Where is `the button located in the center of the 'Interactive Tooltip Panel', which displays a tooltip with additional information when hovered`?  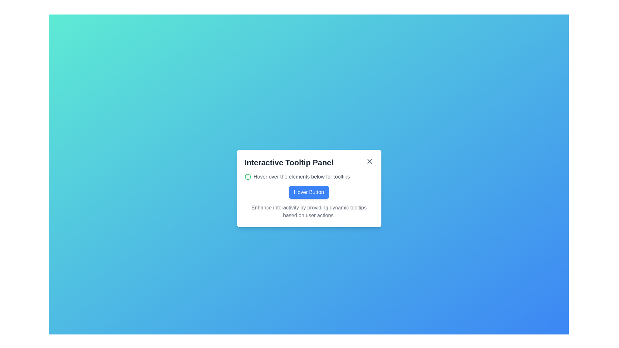
the button located in the center of the 'Interactive Tooltip Panel', which displays a tooltip with additional information when hovered is located at coordinates (309, 192).